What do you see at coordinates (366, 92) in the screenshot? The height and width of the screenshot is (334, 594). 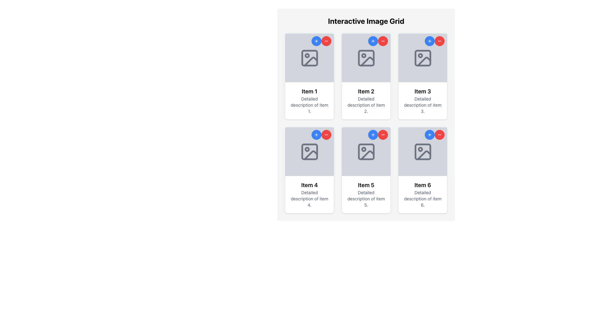 I see `Heading or Label Text located at the top of the second card in a 2x3 grid, which provides a brief identifier for the card's content` at bounding box center [366, 92].